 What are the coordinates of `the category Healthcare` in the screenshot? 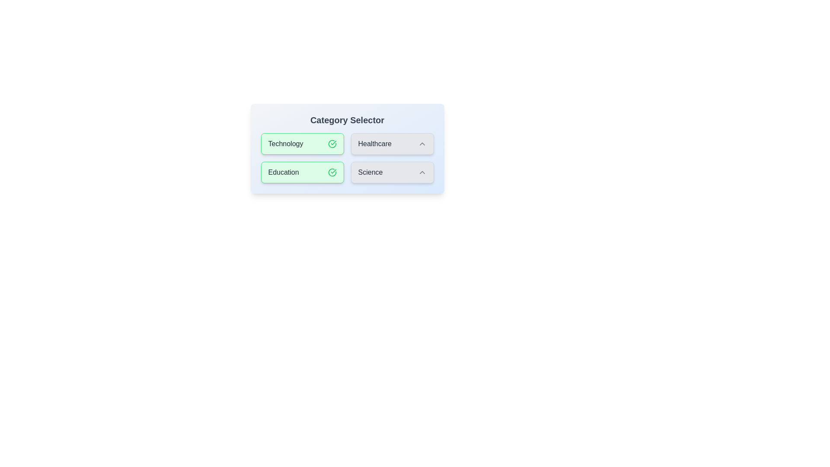 It's located at (392, 143).